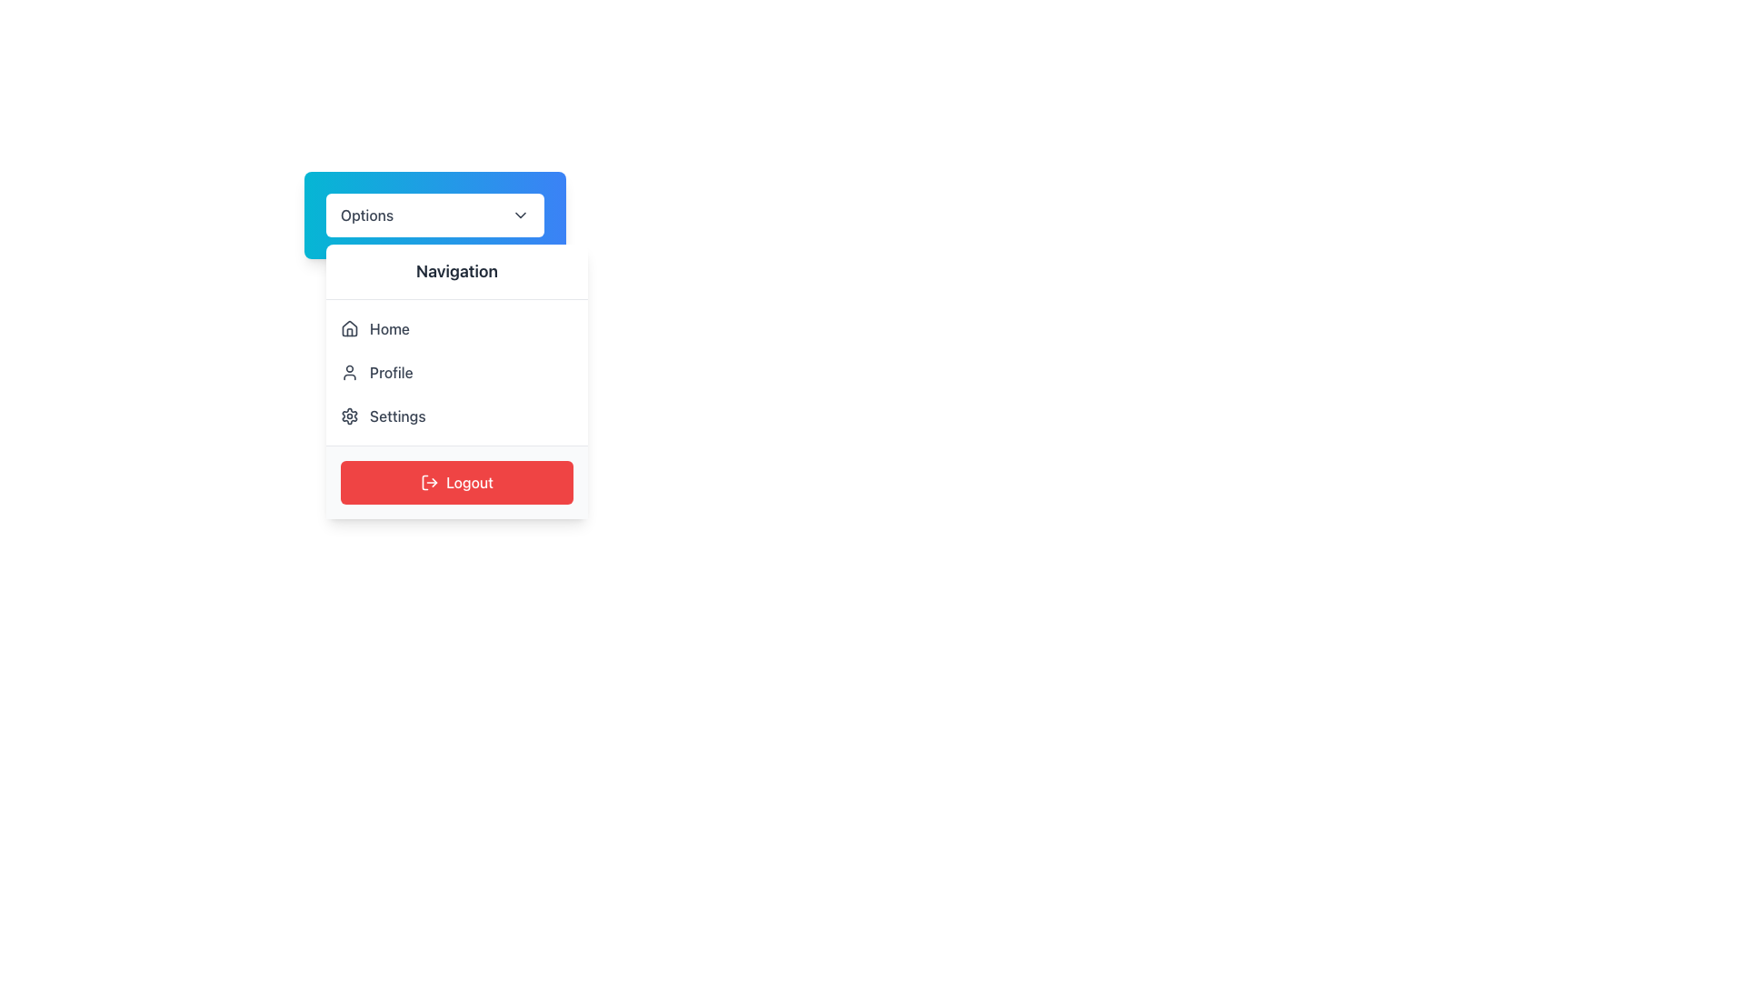  Describe the element at coordinates (434, 214) in the screenshot. I see `the Dropdown Header Panel labeled 'Options' that allows users to toggle a dropdown menu` at that location.